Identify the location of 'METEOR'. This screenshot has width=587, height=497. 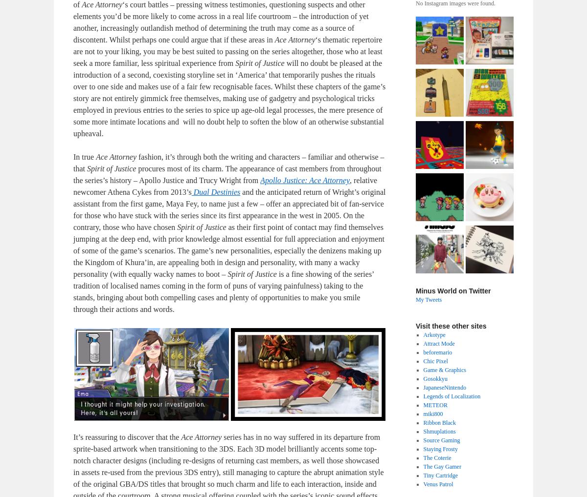
(434, 404).